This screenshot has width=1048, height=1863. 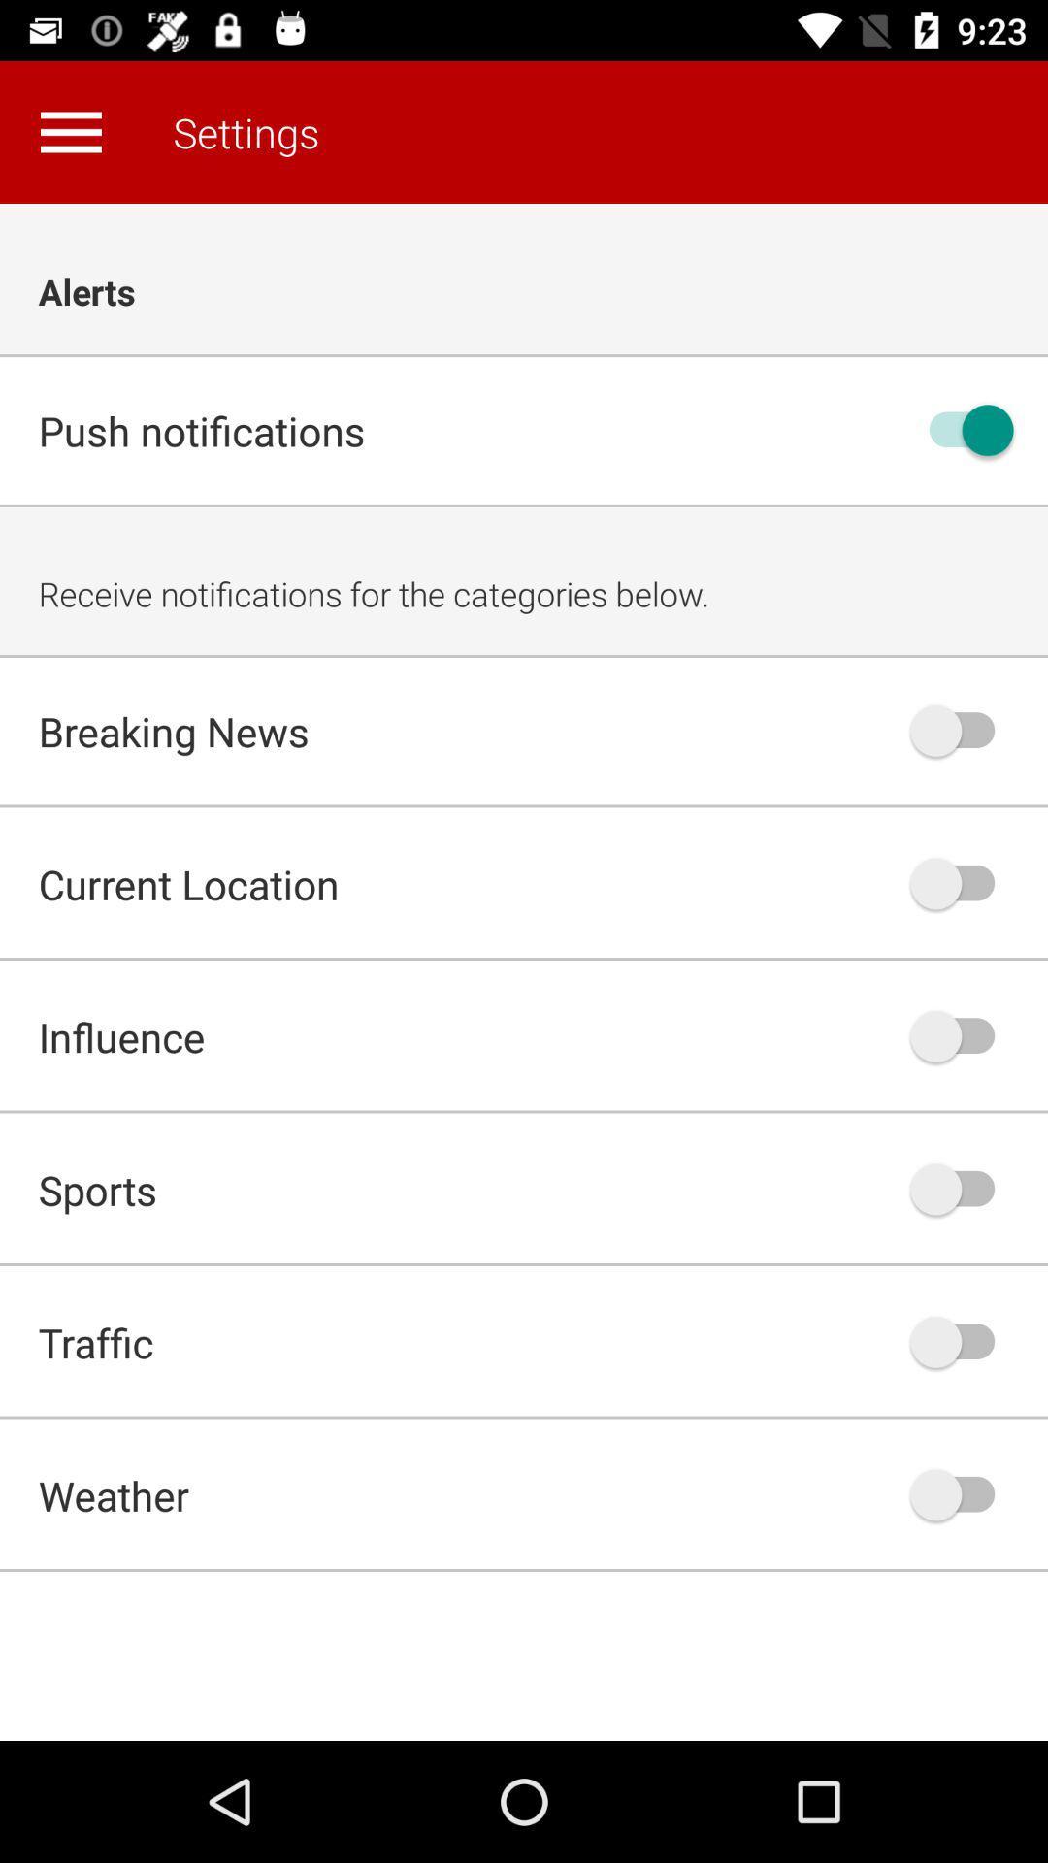 I want to click on current location, so click(x=962, y=882).